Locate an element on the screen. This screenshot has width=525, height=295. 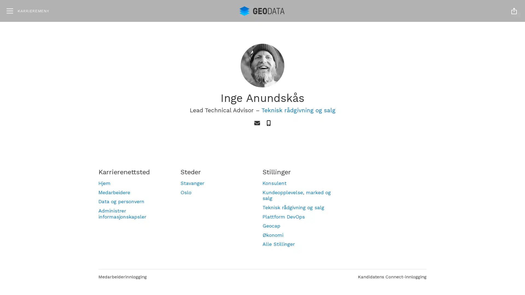
Administrer informasjonskapsler is located at coordinates (134, 213).